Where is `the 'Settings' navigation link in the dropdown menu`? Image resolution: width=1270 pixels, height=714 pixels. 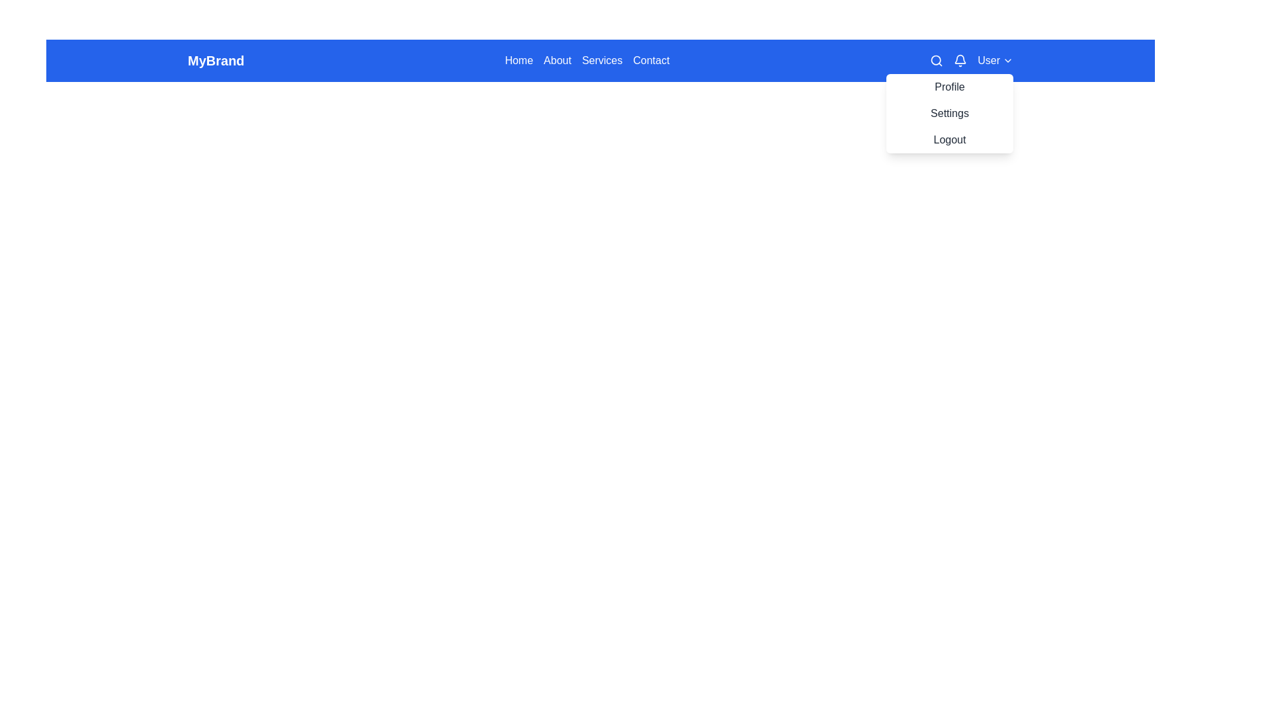 the 'Settings' navigation link in the dropdown menu is located at coordinates (949, 113).